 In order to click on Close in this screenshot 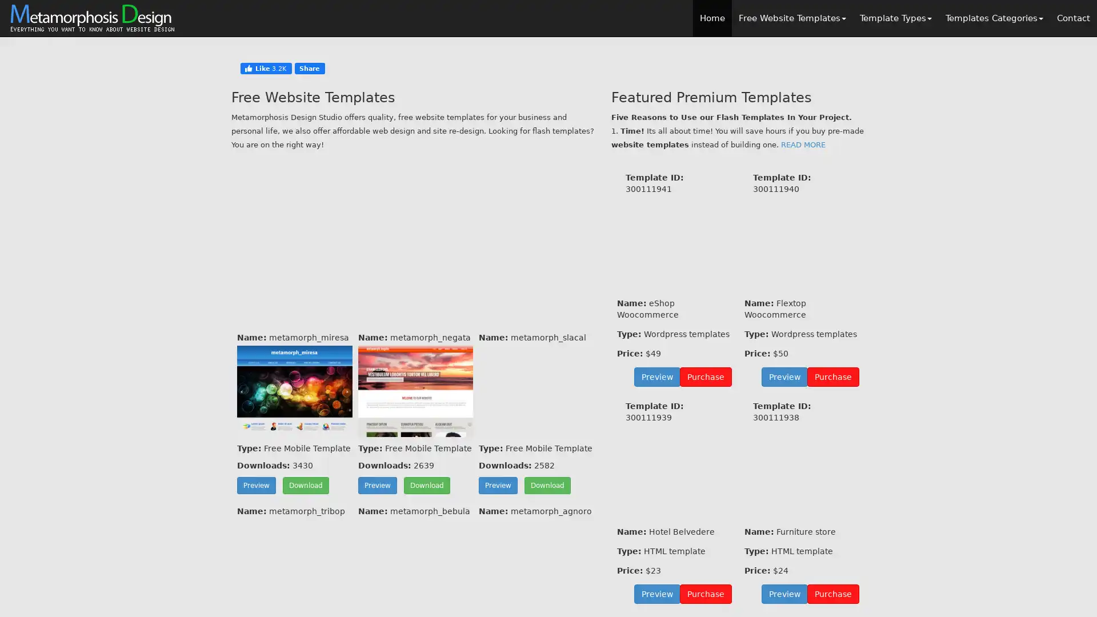, I will do `click(619, 30)`.